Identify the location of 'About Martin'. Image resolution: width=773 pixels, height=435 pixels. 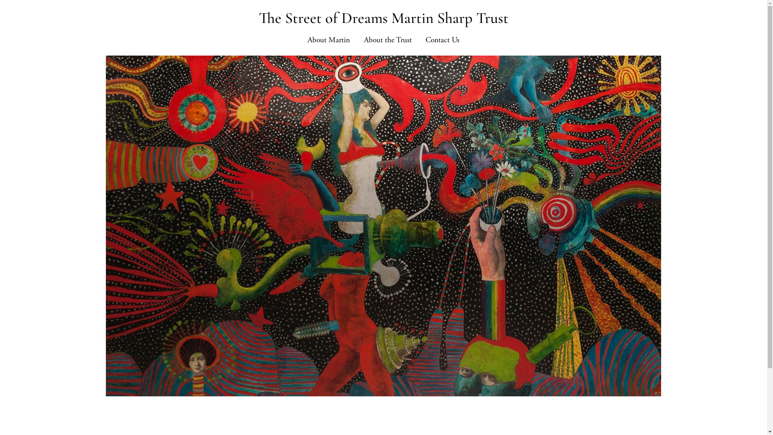
(329, 40).